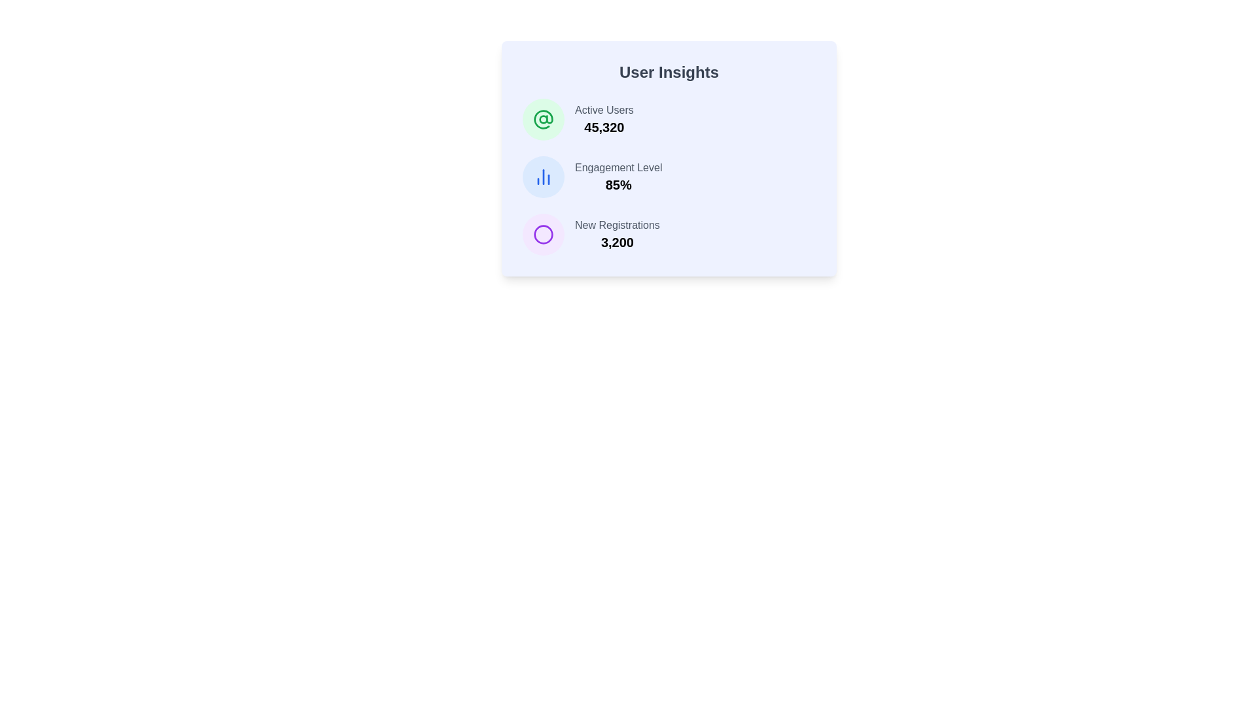 This screenshot has width=1256, height=706. I want to click on the first icon on the top-left of the 'User Insights' section, which serves as a visual representation for user-related information corresponding to the 'Active Users' label, so click(543, 119).